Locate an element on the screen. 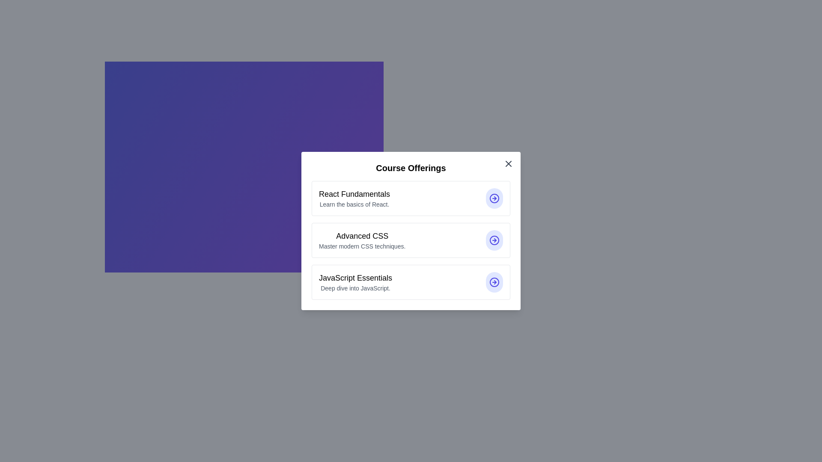 Image resolution: width=822 pixels, height=462 pixels. the second list item in the 'Course Offerings' modal, which describes the 'Advanced CSS' course is located at coordinates (411, 240).